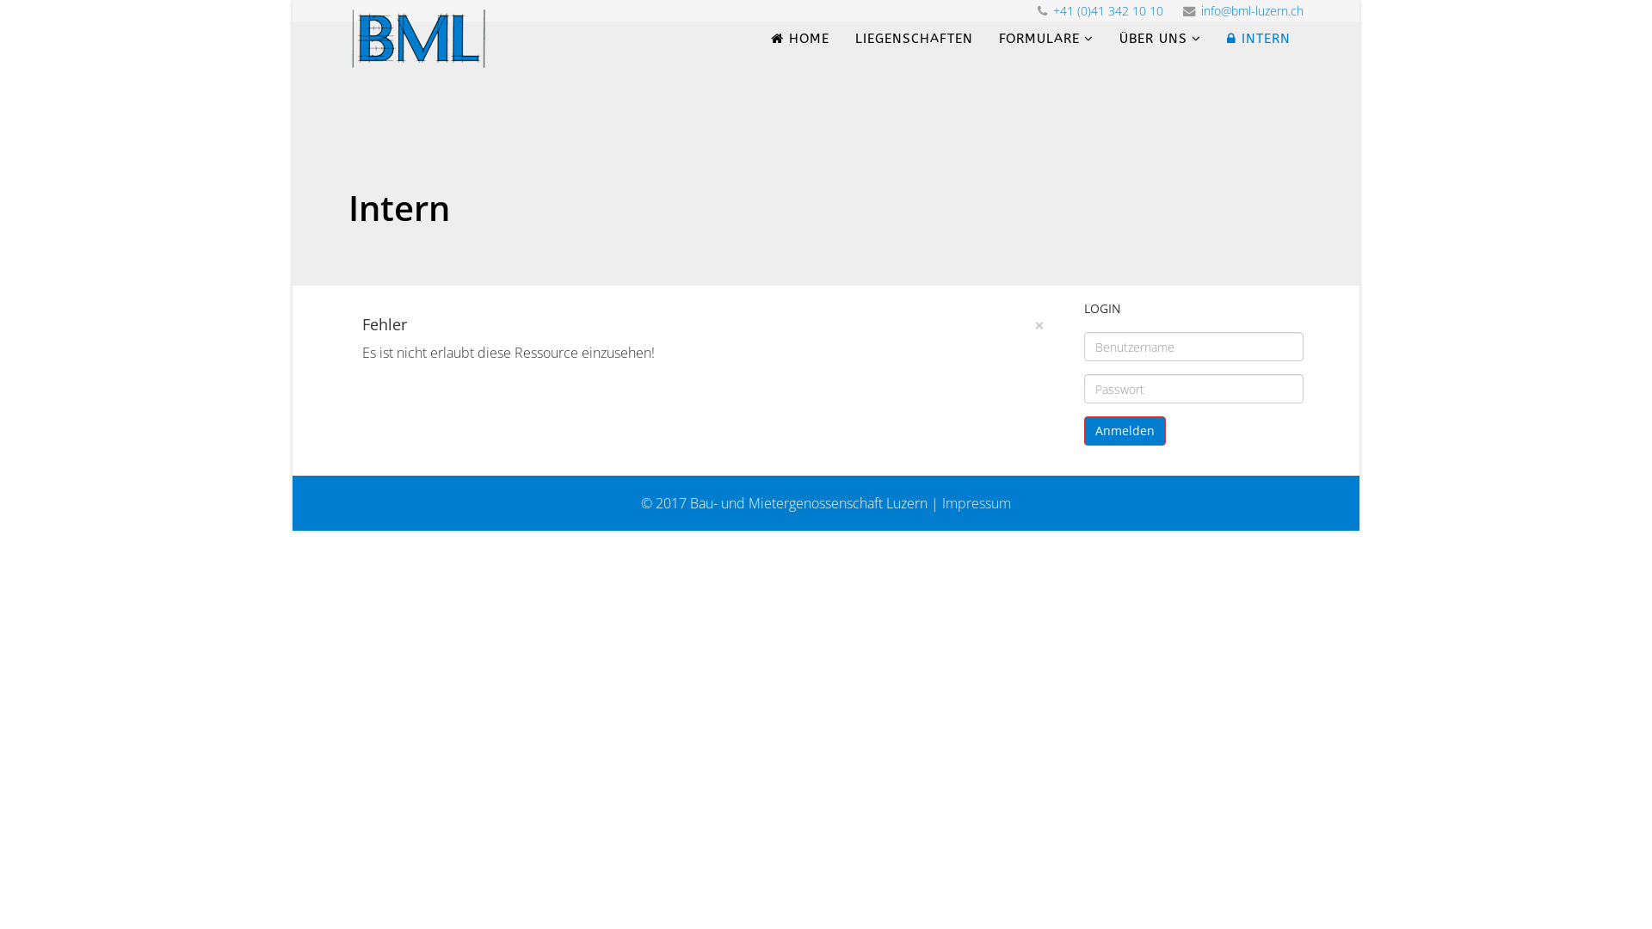 The height and width of the screenshot is (929, 1652). What do you see at coordinates (1107, 10) in the screenshot?
I see `'+41 (0)41 342 10 10'` at bounding box center [1107, 10].